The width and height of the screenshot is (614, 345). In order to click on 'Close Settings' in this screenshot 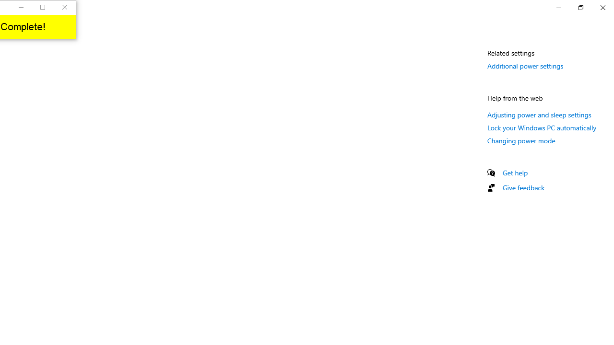, I will do `click(602, 7)`.